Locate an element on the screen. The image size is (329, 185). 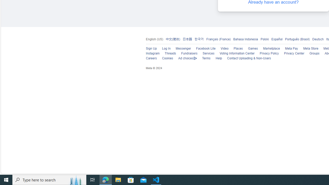
'Meta Store' is located at coordinates (310, 49).